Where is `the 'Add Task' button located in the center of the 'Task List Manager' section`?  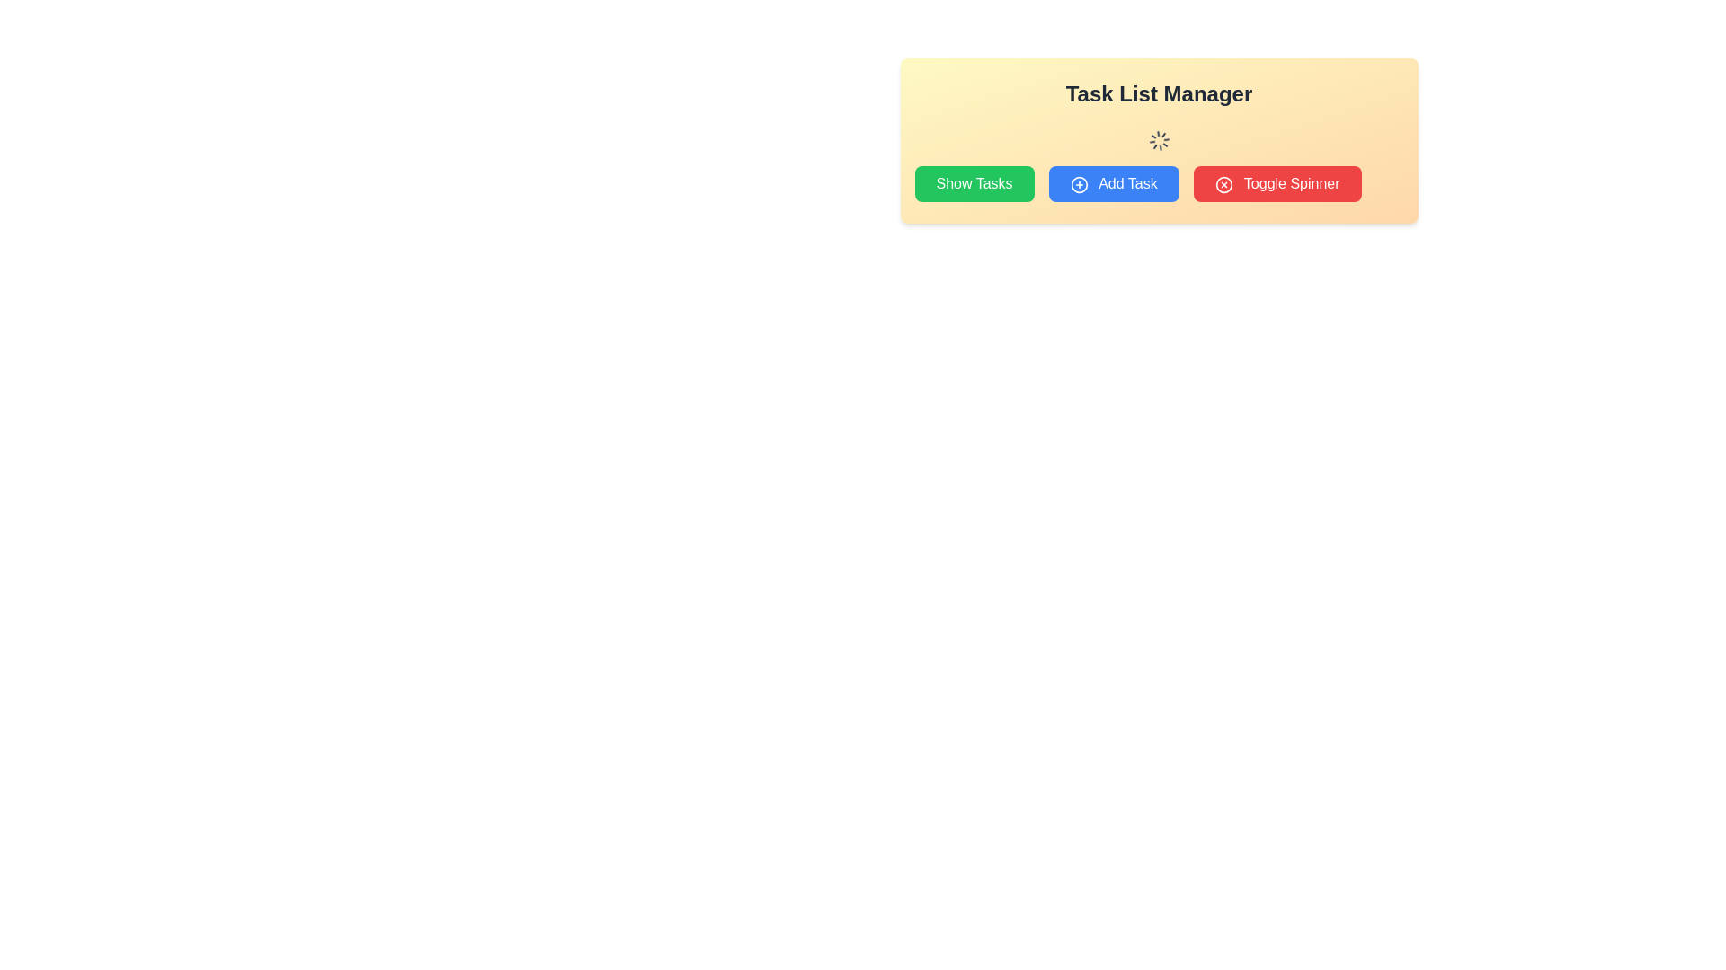 the 'Add Task' button located in the center of the 'Task List Manager' section is located at coordinates (1159, 183).